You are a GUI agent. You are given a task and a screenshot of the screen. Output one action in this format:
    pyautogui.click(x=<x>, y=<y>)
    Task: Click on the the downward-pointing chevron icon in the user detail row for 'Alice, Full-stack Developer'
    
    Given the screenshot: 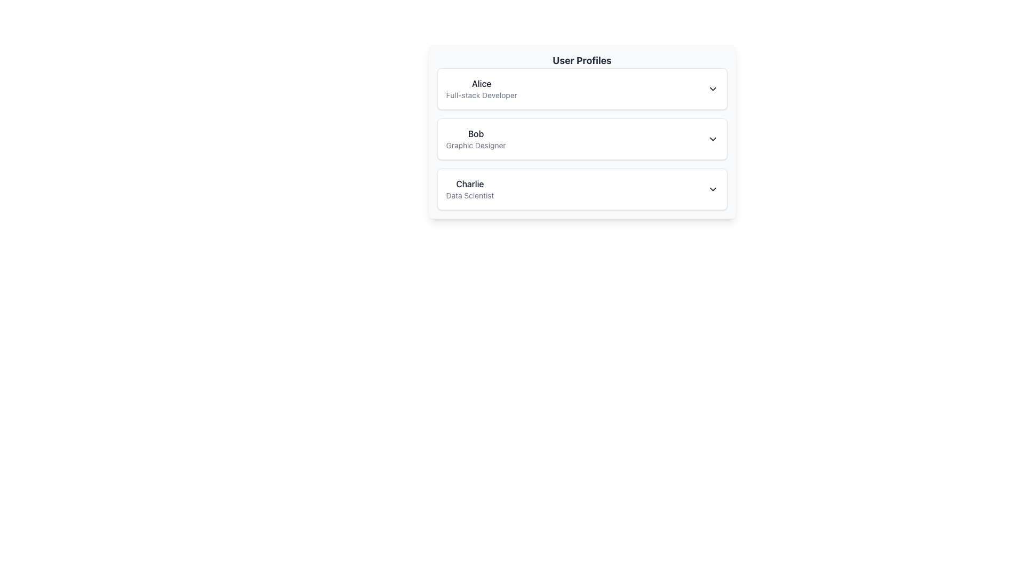 What is the action you would take?
    pyautogui.click(x=713, y=88)
    